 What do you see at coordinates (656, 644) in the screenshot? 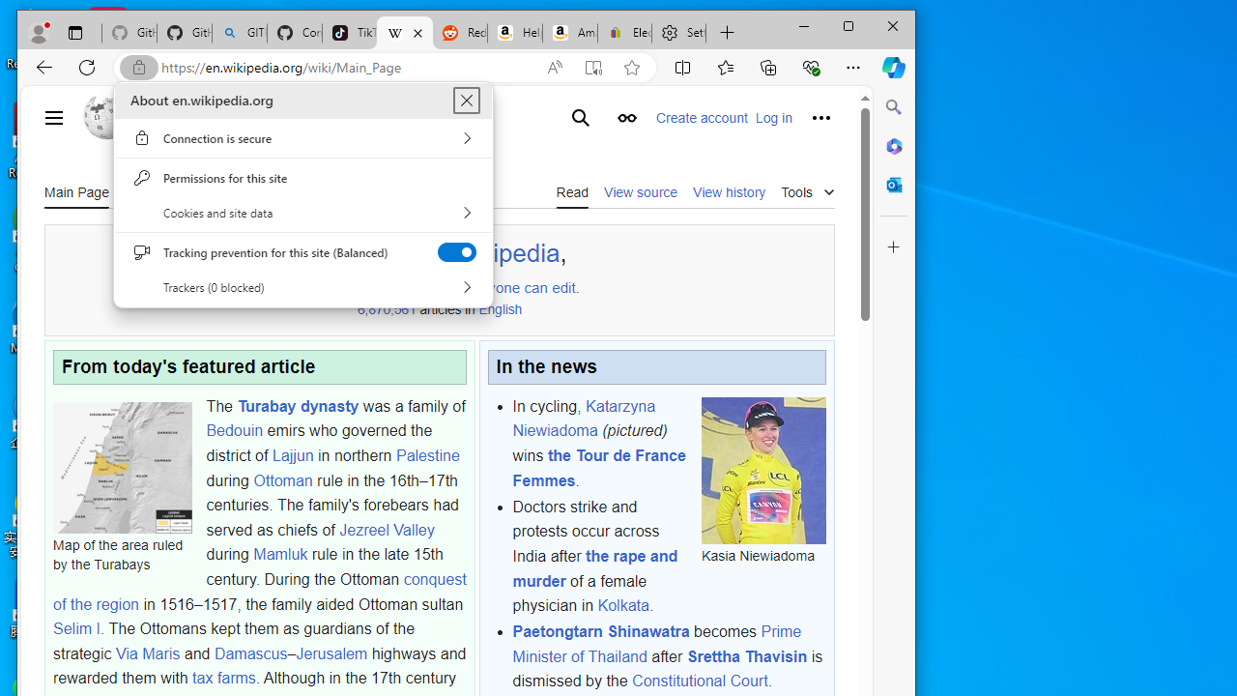
I see `'Prime Minister of Thailand'` at bounding box center [656, 644].